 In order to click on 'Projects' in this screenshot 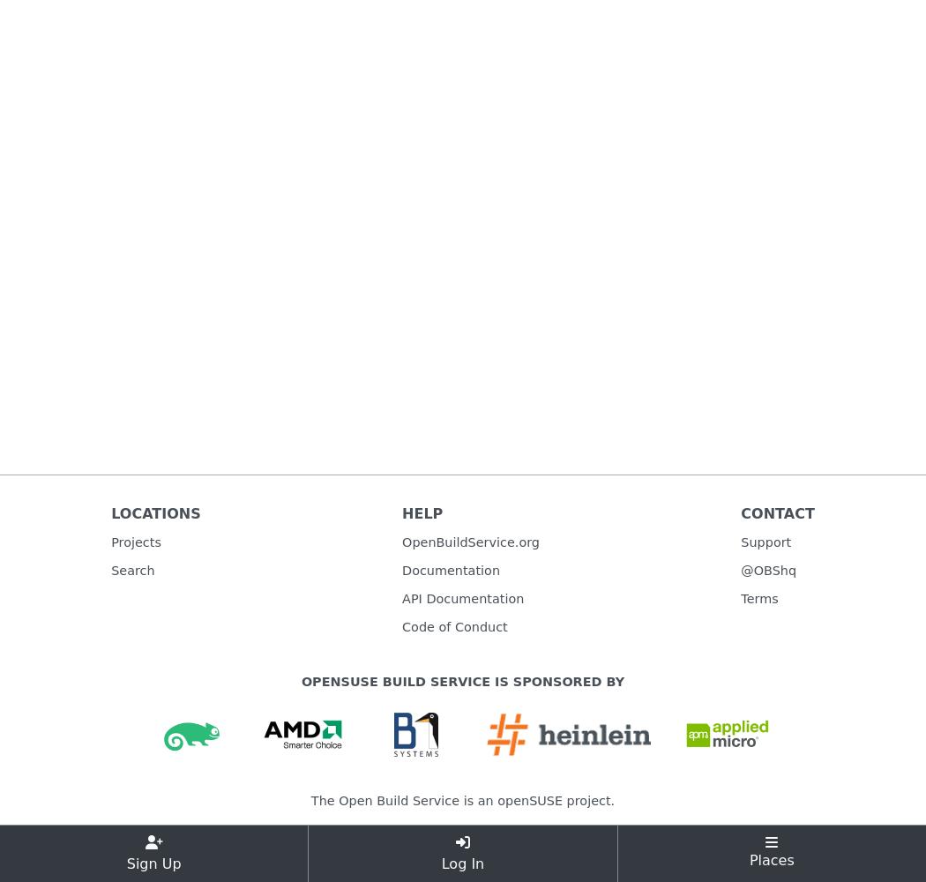, I will do `click(136, 541)`.